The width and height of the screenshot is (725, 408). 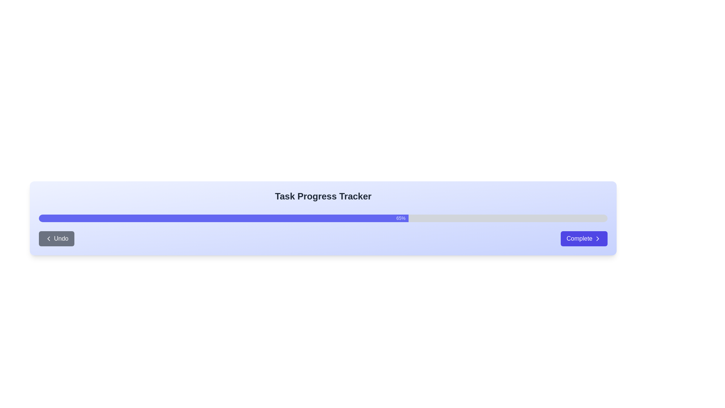 I want to click on the 'Undo' button located on the left side of the horizontal bar, so click(x=56, y=239).